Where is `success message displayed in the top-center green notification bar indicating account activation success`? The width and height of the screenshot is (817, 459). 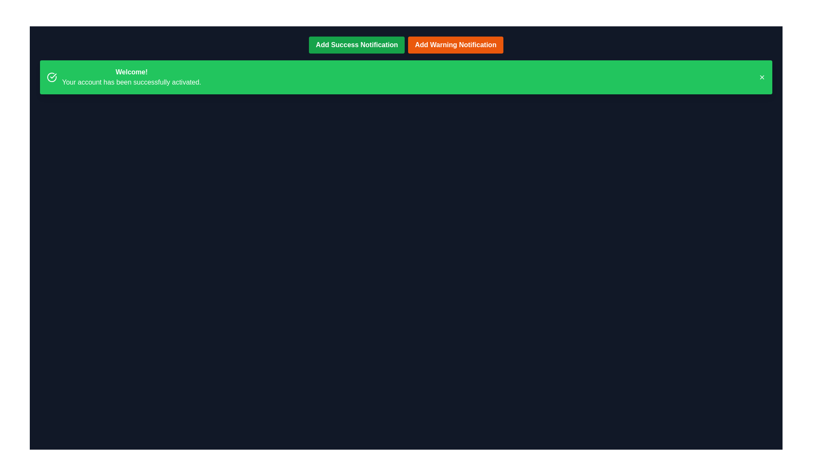 success message displayed in the top-center green notification bar indicating account activation success is located at coordinates (123, 77).